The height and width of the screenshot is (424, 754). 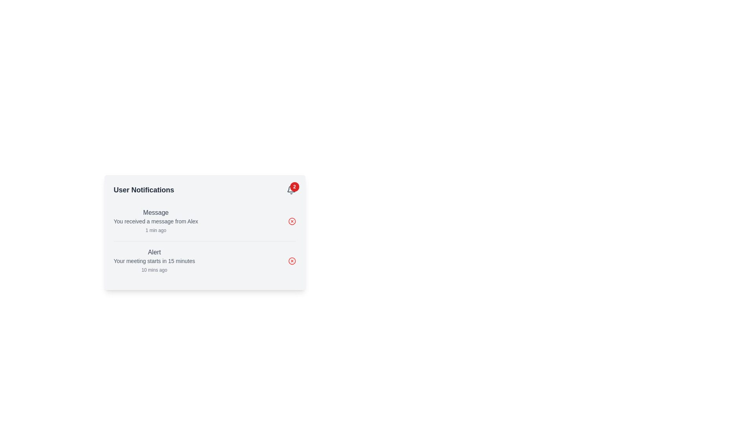 What do you see at coordinates (156, 213) in the screenshot?
I see `the static text label displaying 'Message' located at the top of a notification entry in the User Notifications panel` at bounding box center [156, 213].